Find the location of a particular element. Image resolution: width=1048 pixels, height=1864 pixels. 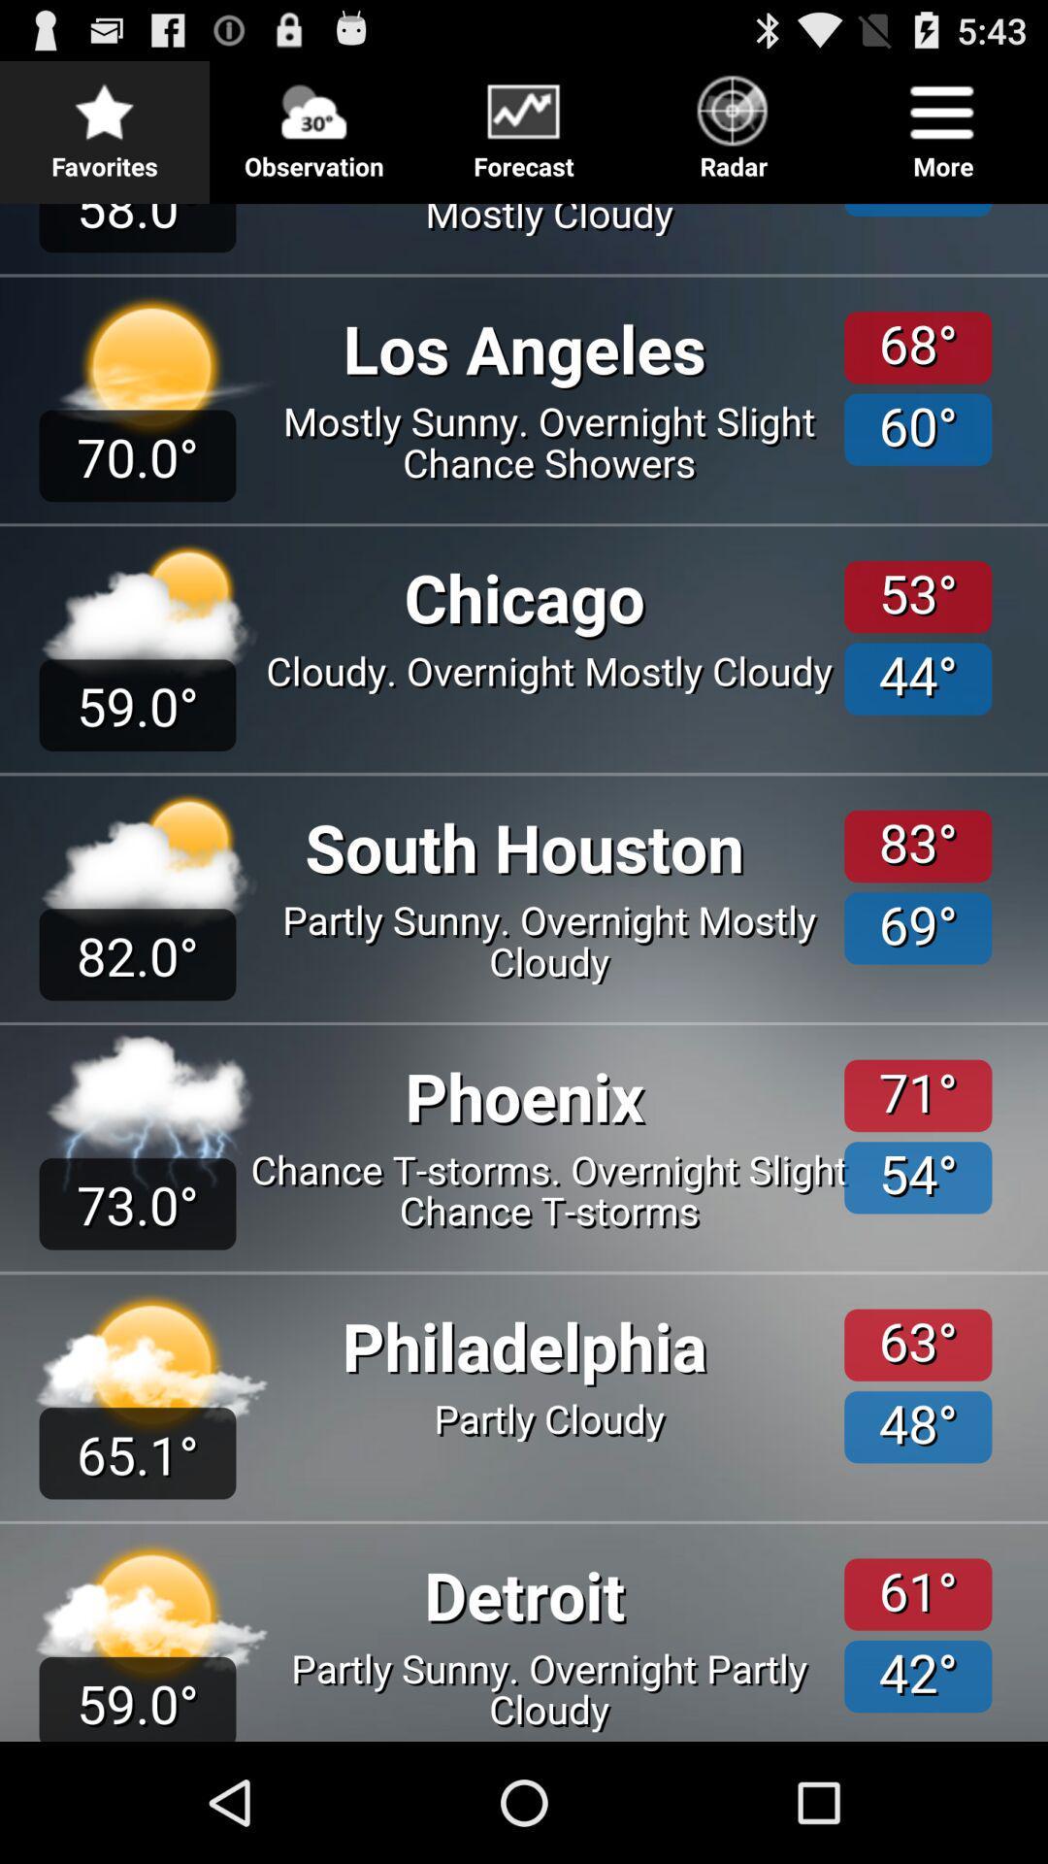

the item to the right of the radar icon is located at coordinates (942, 120).